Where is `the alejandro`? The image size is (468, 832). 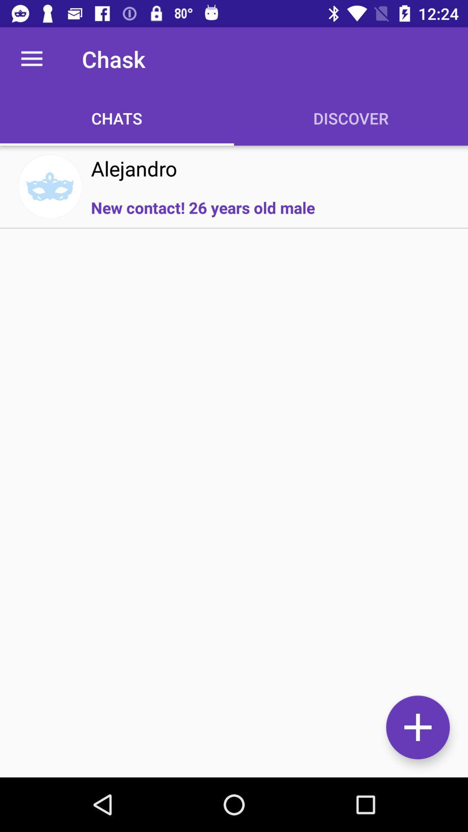 the alejandro is located at coordinates (134, 168).